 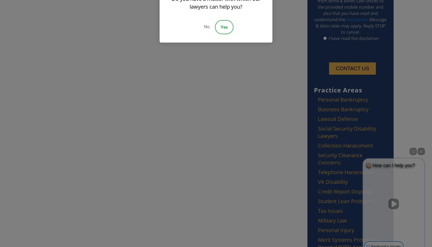 I want to click on 'Yes', so click(x=224, y=27).